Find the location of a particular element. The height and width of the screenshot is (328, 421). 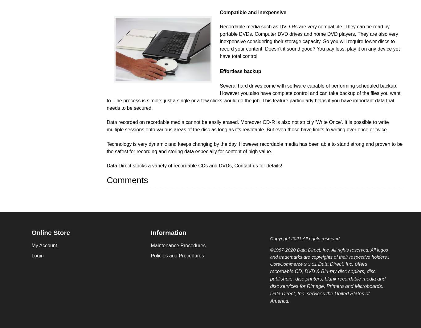

'Technology is very dynamic and keeps changing by the day. However recordable media has been able to stand strong and proven to be the safest for recording and storing data especially for content of high value.' is located at coordinates (254, 147).